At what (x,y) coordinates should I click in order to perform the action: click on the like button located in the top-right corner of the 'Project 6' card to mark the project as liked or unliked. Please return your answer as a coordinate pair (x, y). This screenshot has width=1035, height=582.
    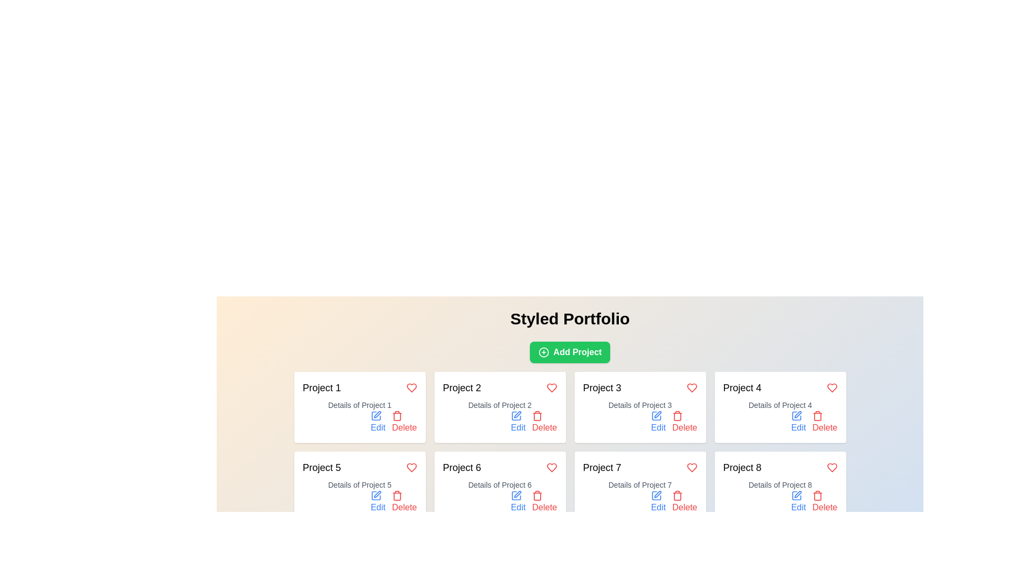
    Looking at the image, I should click on (551, 467).